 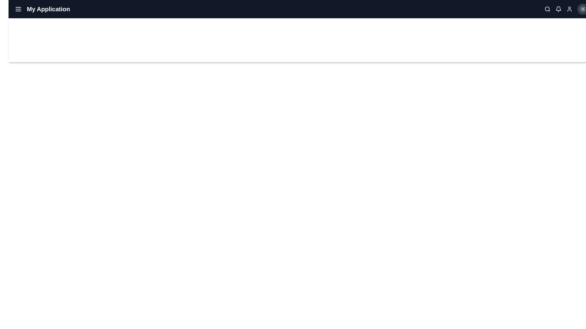 I want to click on the magnifying glass icon located at the top right corner of the interface, so click(x=548, y=9).